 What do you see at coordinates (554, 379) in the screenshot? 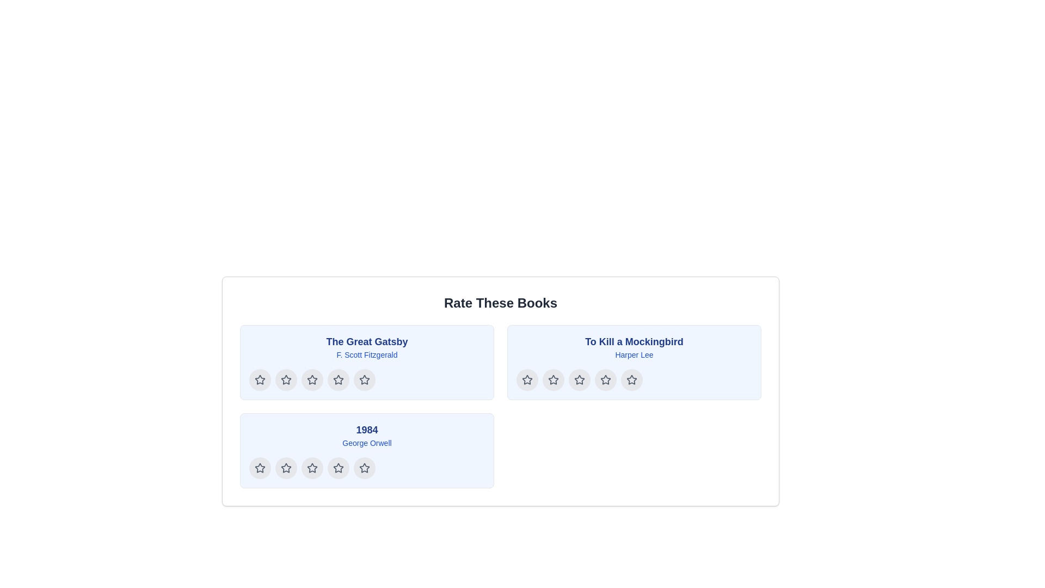
I see `the second star rating button under the 'To Kill a Mockingbird' section` at bounding box center [554, 379].